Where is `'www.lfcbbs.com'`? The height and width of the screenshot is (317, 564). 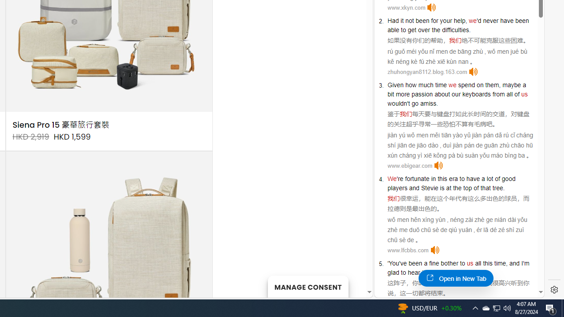 'www.lfcbbs.com' is located at coordinates (408, 250).